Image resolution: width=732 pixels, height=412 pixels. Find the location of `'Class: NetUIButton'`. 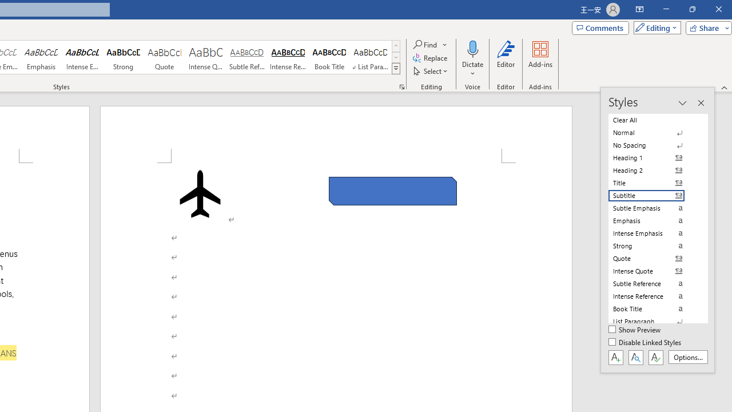

'Class: NetUIButton' is located at coordinates (655, 356).